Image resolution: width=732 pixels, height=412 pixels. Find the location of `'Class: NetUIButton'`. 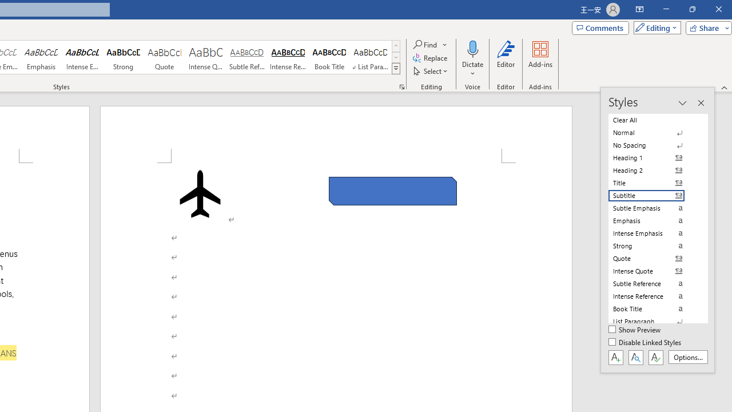

'Class: NetUIButton' is located at coordinates (655, 356).